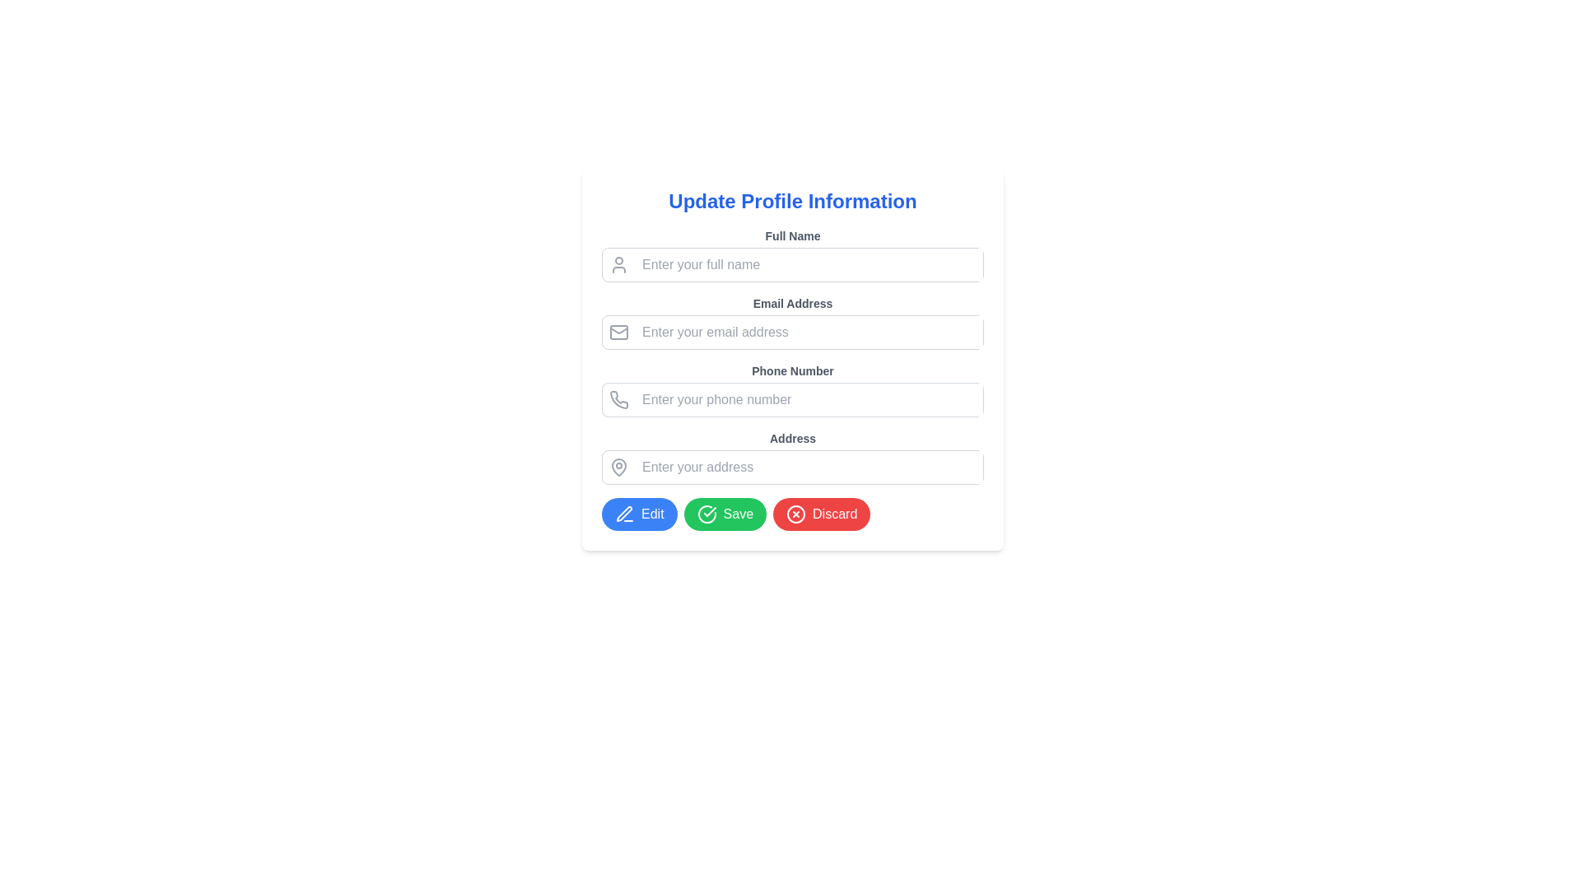 This screenshot has height=889, width=1581. Describe the element at coordinates (809, 333) in the screenshot. I see `the email input field located below the 'Email Address' label and above the phone number input to allow the user to type in their email address` at that location.